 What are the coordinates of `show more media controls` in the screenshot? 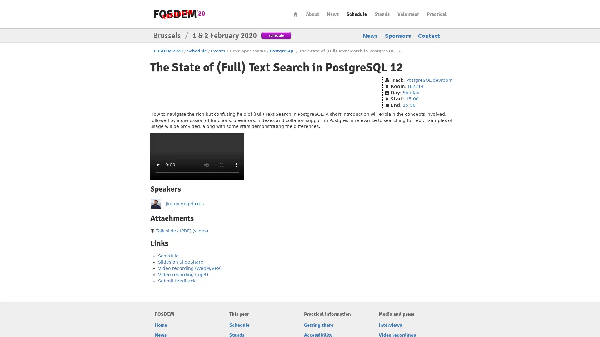 It's located at (236, 164).